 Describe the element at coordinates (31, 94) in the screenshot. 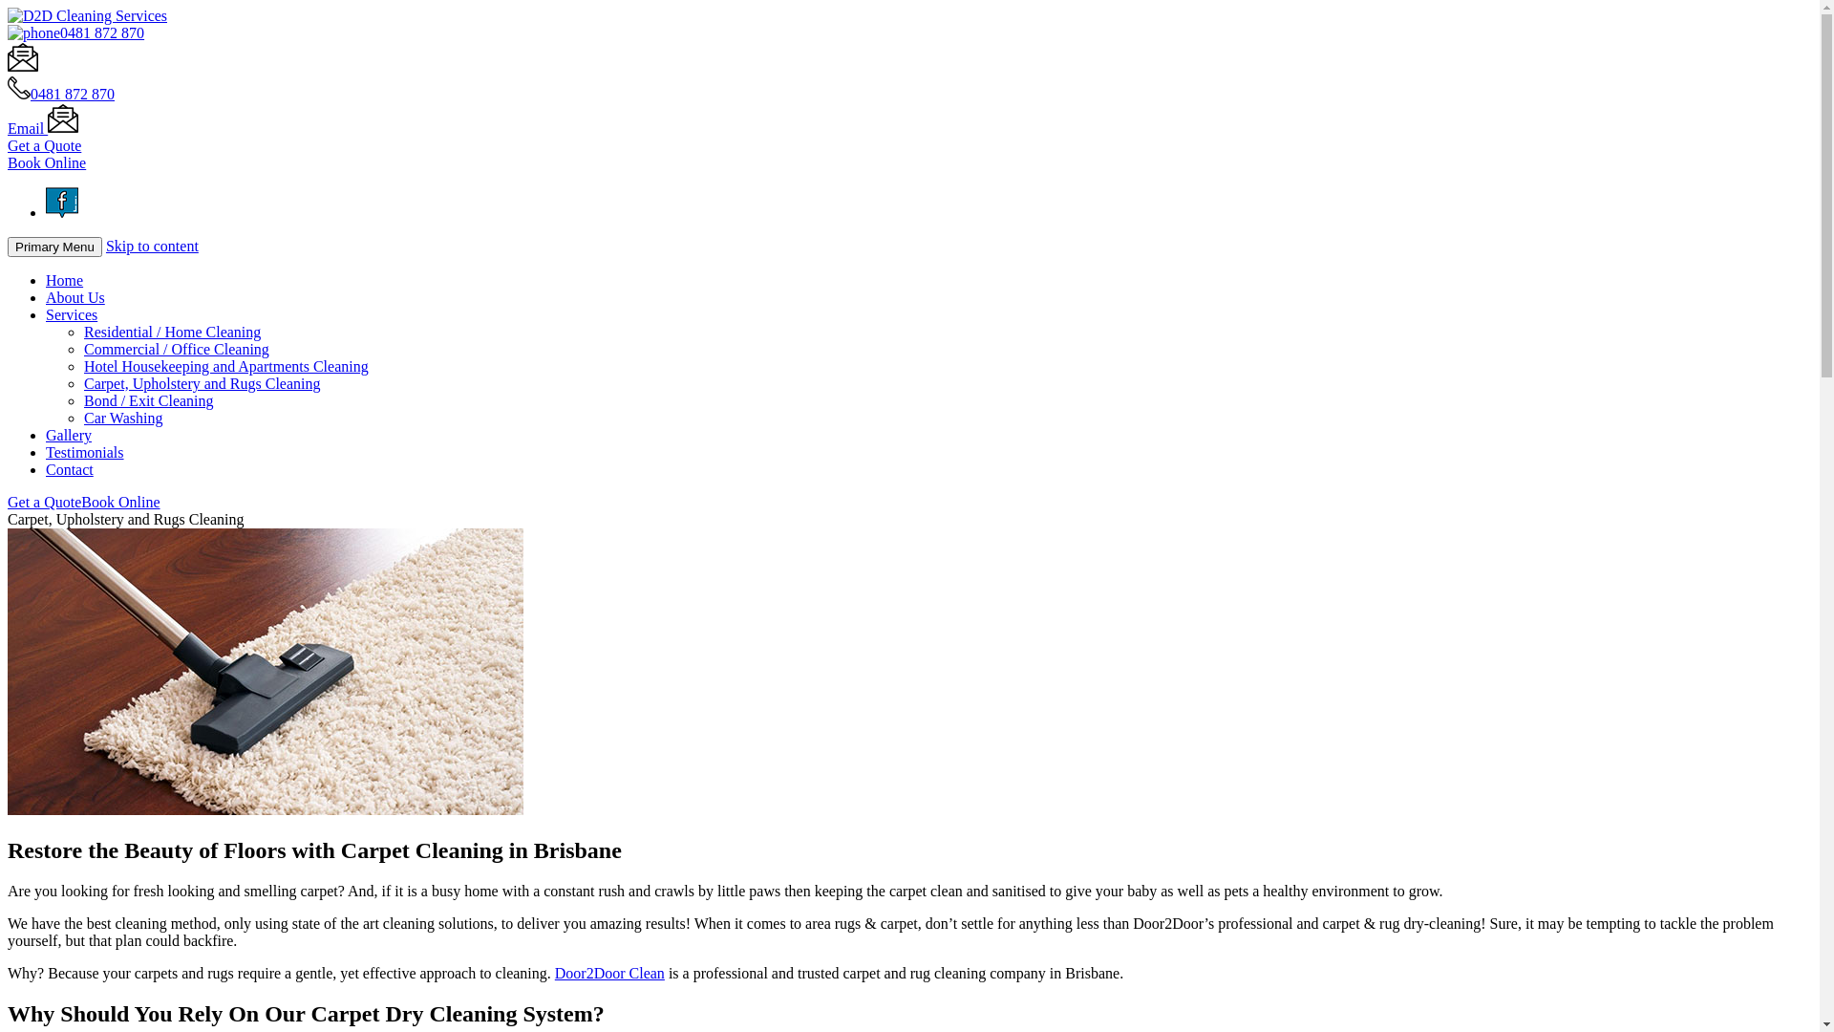

I see `'0481 872 870'` at that location.